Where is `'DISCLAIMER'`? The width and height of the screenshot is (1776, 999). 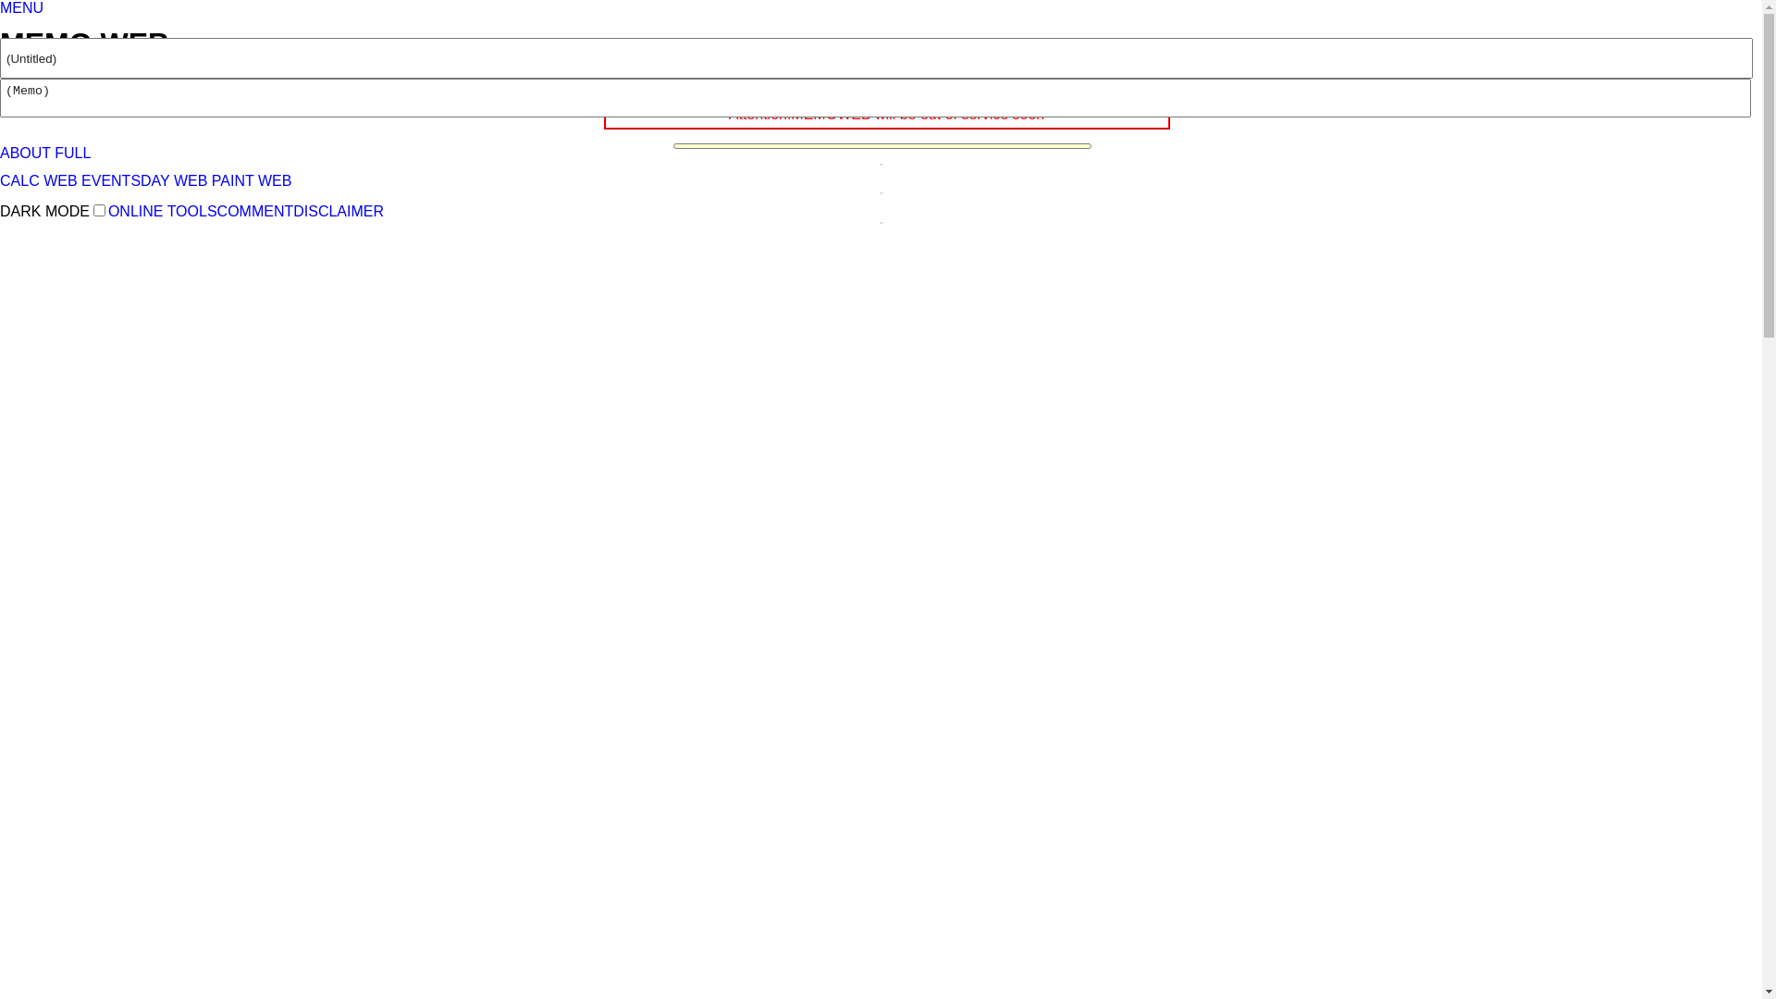
'DISCLAIMER' is located at coordinates (338, 210).